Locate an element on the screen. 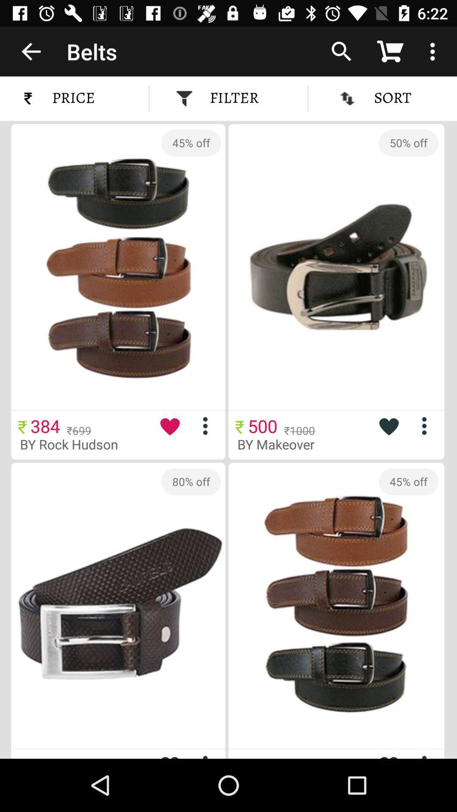 The image size is (457, 812). to favorites is located at coordinates (170, 754).